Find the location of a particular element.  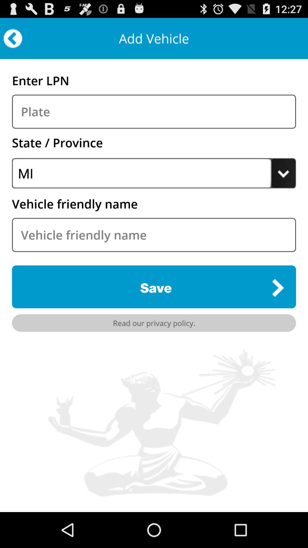

the arrow_backward icon is located at coordinates (13, 41).